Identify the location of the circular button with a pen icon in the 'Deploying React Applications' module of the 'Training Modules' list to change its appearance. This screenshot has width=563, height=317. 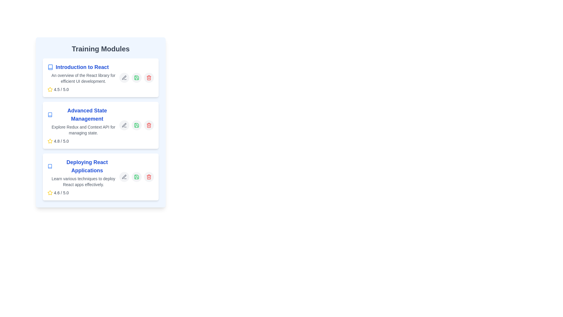
(124, 176).